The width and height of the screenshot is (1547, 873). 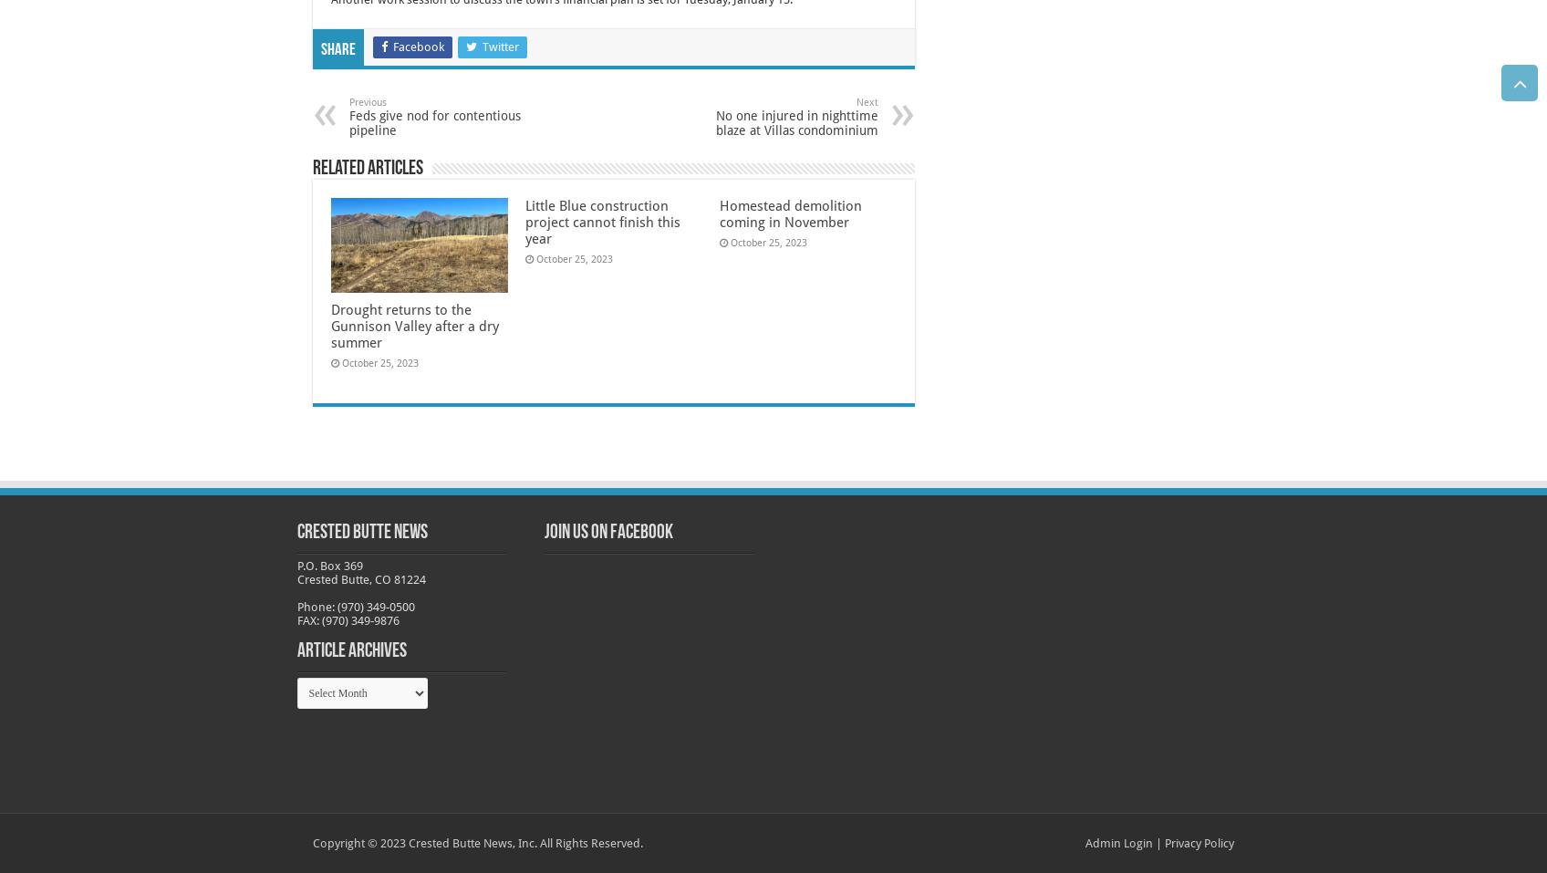 I want to click on 'Admin Login', so click(x=1118, y=842).